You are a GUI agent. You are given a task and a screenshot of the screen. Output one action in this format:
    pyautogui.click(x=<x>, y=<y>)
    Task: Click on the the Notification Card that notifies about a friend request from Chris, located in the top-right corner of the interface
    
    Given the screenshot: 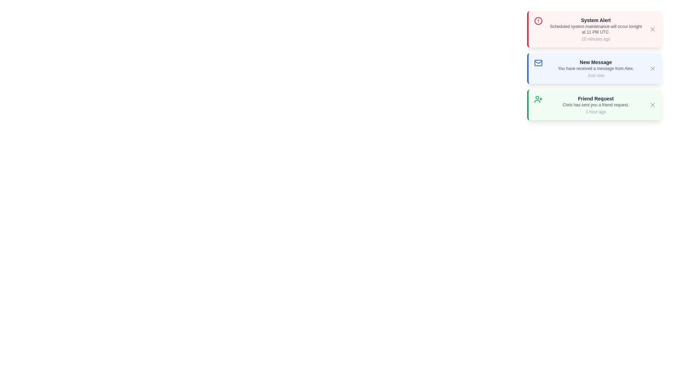 What is the action you would take?
    pyautogui.click(x=594, y=105)
    